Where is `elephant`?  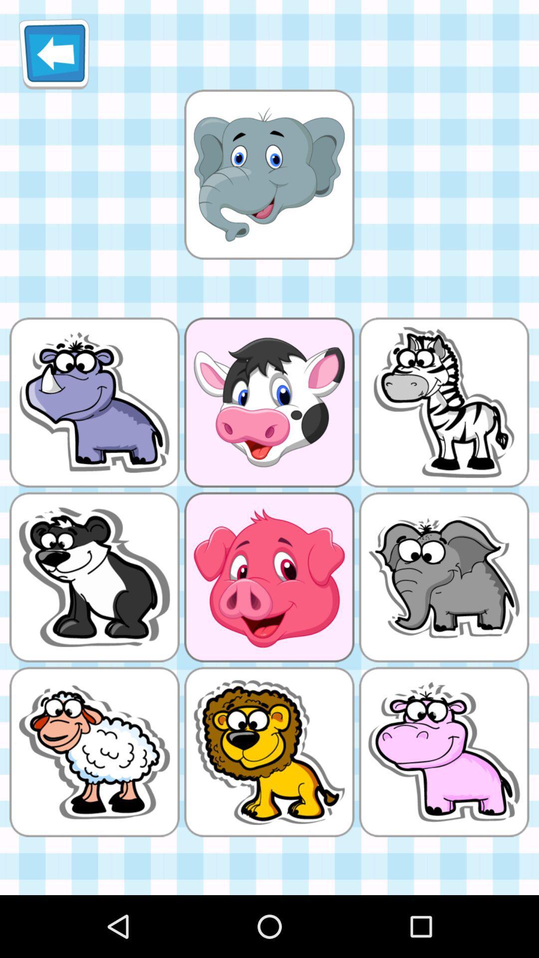
elephant is located at coordinates (269, 174).